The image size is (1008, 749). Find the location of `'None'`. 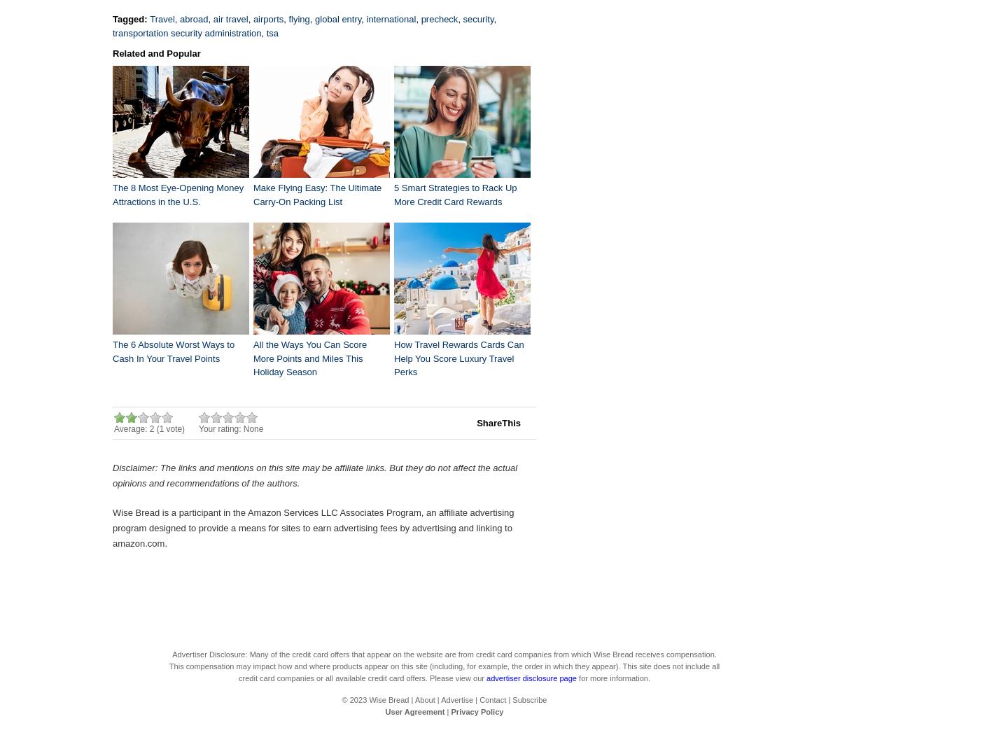

'None' is located at coordinates (252, 428).